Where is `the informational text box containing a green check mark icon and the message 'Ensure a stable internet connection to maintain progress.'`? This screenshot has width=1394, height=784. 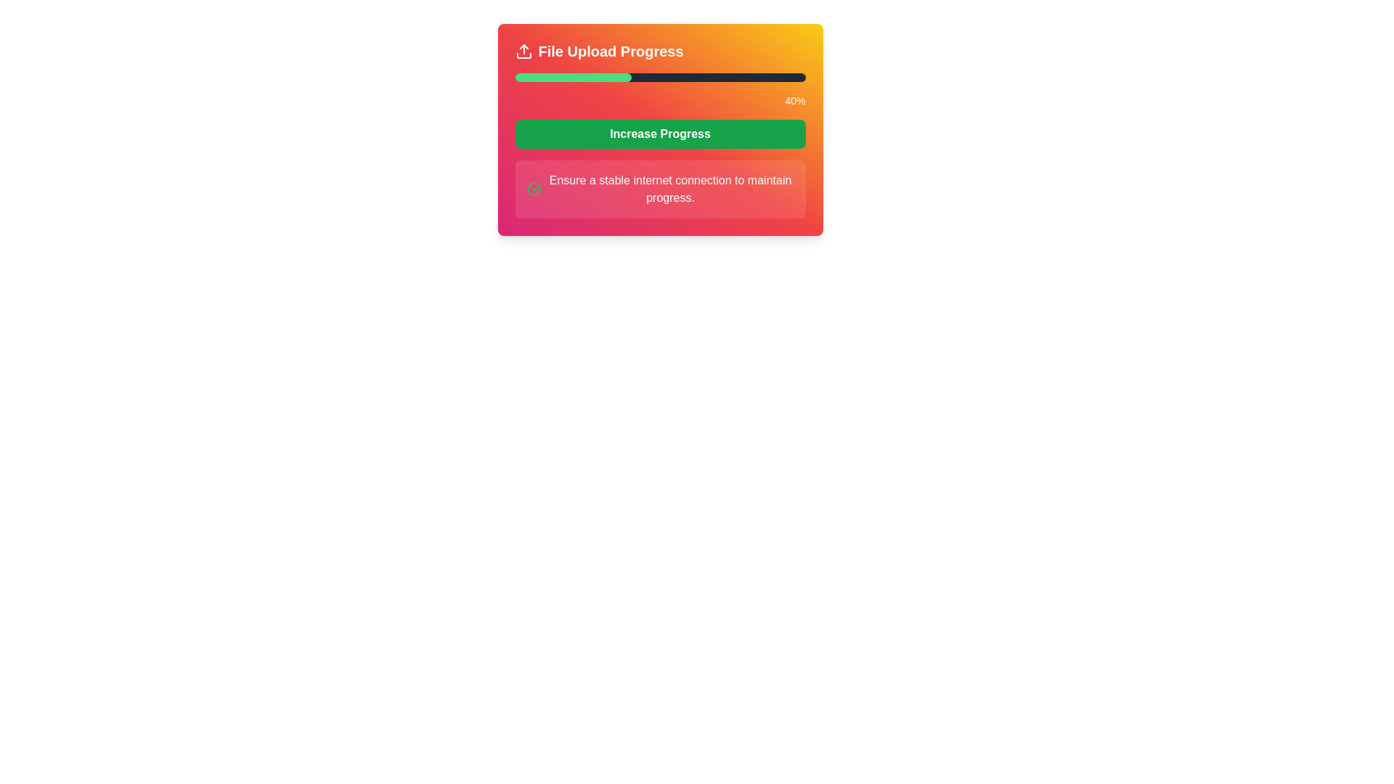 the informational text box containing a green check mark icon and the message 'Ensure a stable internet connection to maintain progress.' is located at coordinates (659, 189).